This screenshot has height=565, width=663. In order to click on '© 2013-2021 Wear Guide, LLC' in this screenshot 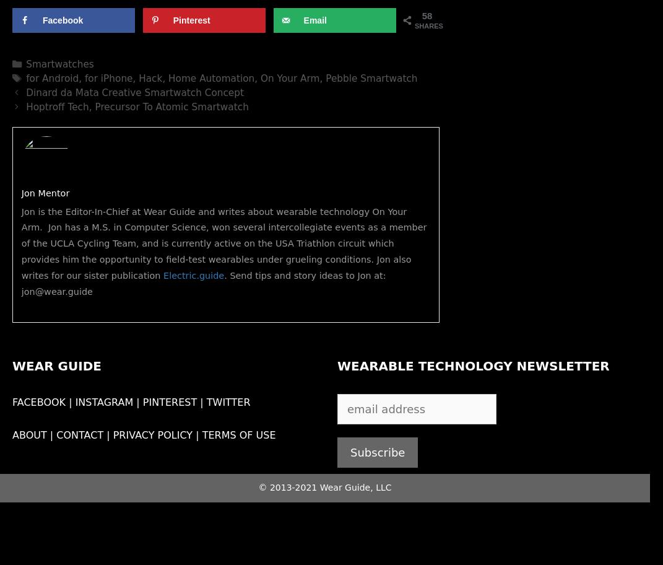, I will do `click(324, 487)`.